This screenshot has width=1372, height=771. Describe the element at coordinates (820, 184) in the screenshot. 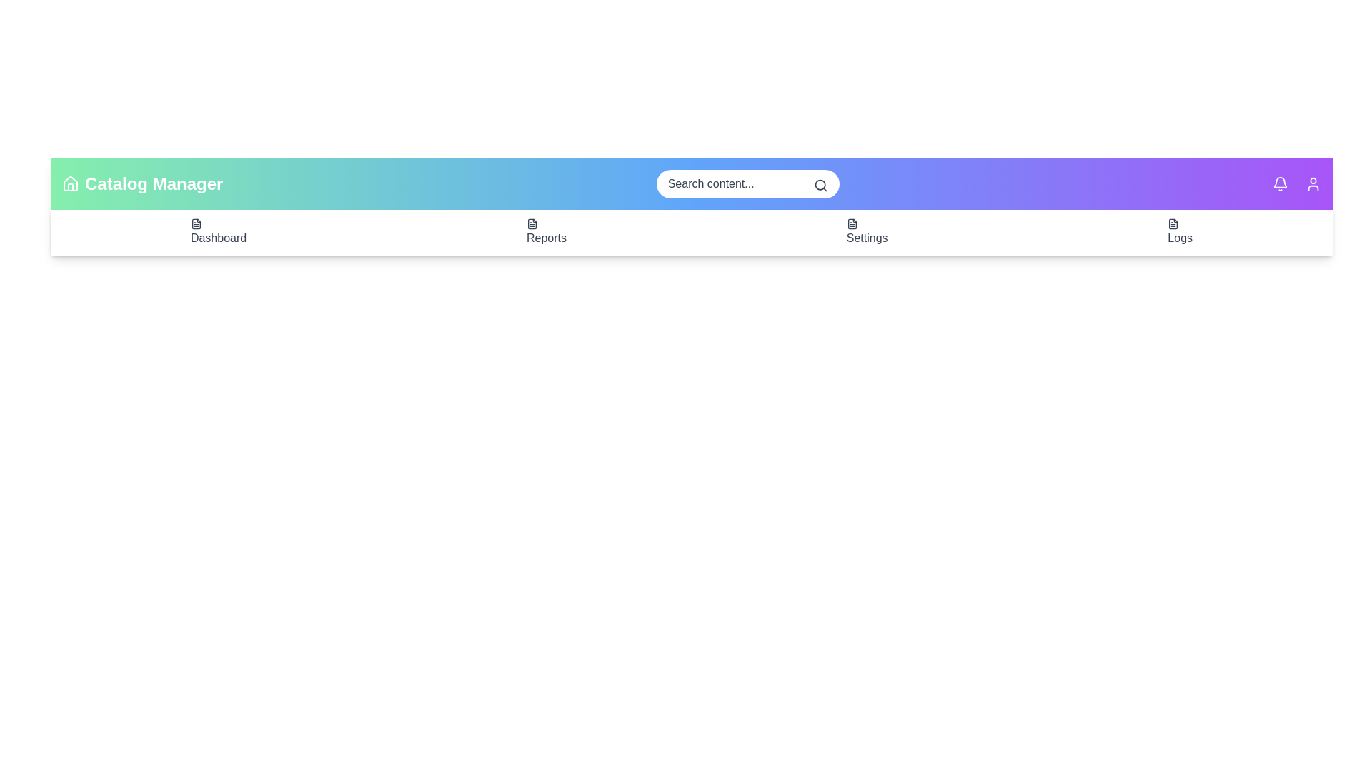

I see `search icon to initiate a search` at that location.